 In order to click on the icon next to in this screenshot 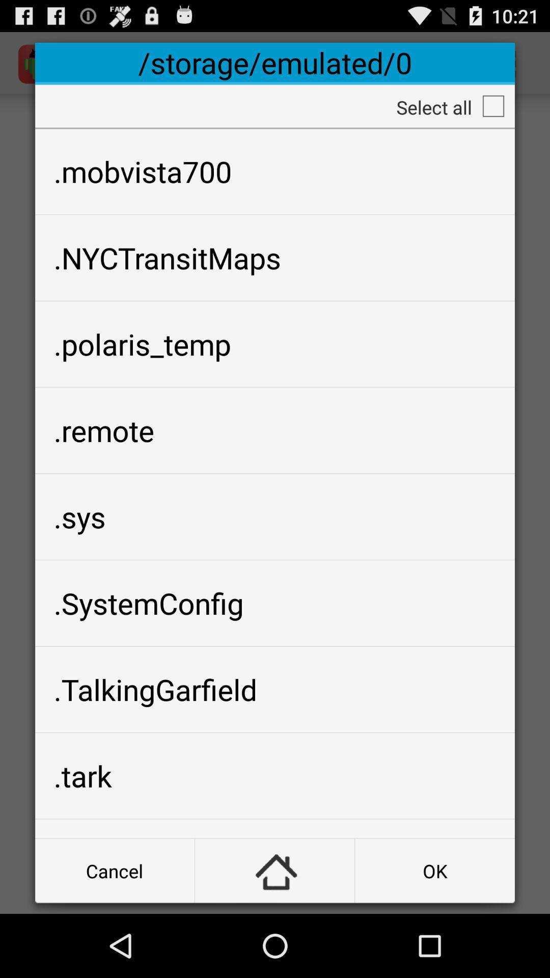, I will do `click(435, 870)`.